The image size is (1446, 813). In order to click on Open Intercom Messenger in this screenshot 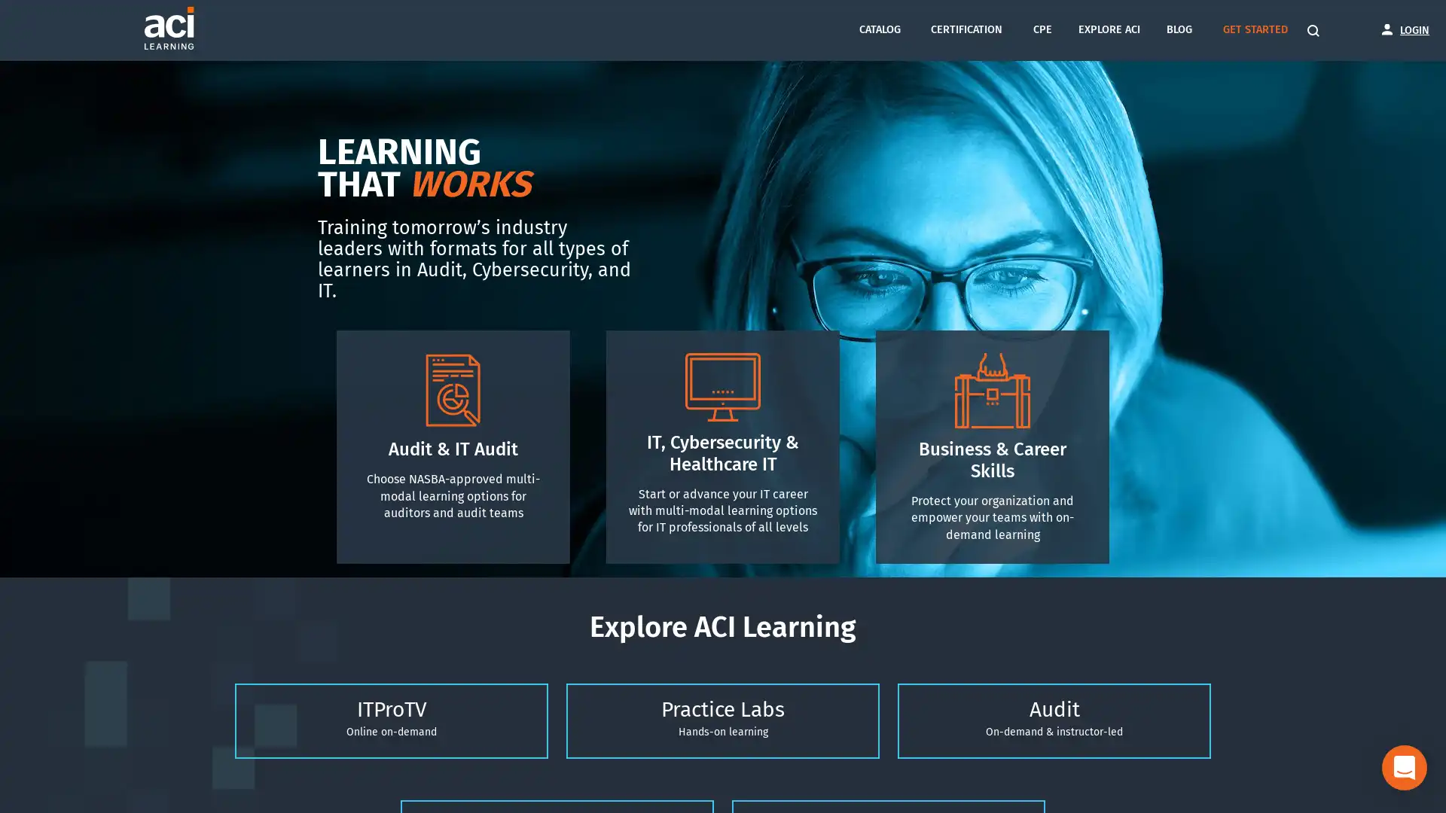, I will do `click(1404, 767)`.